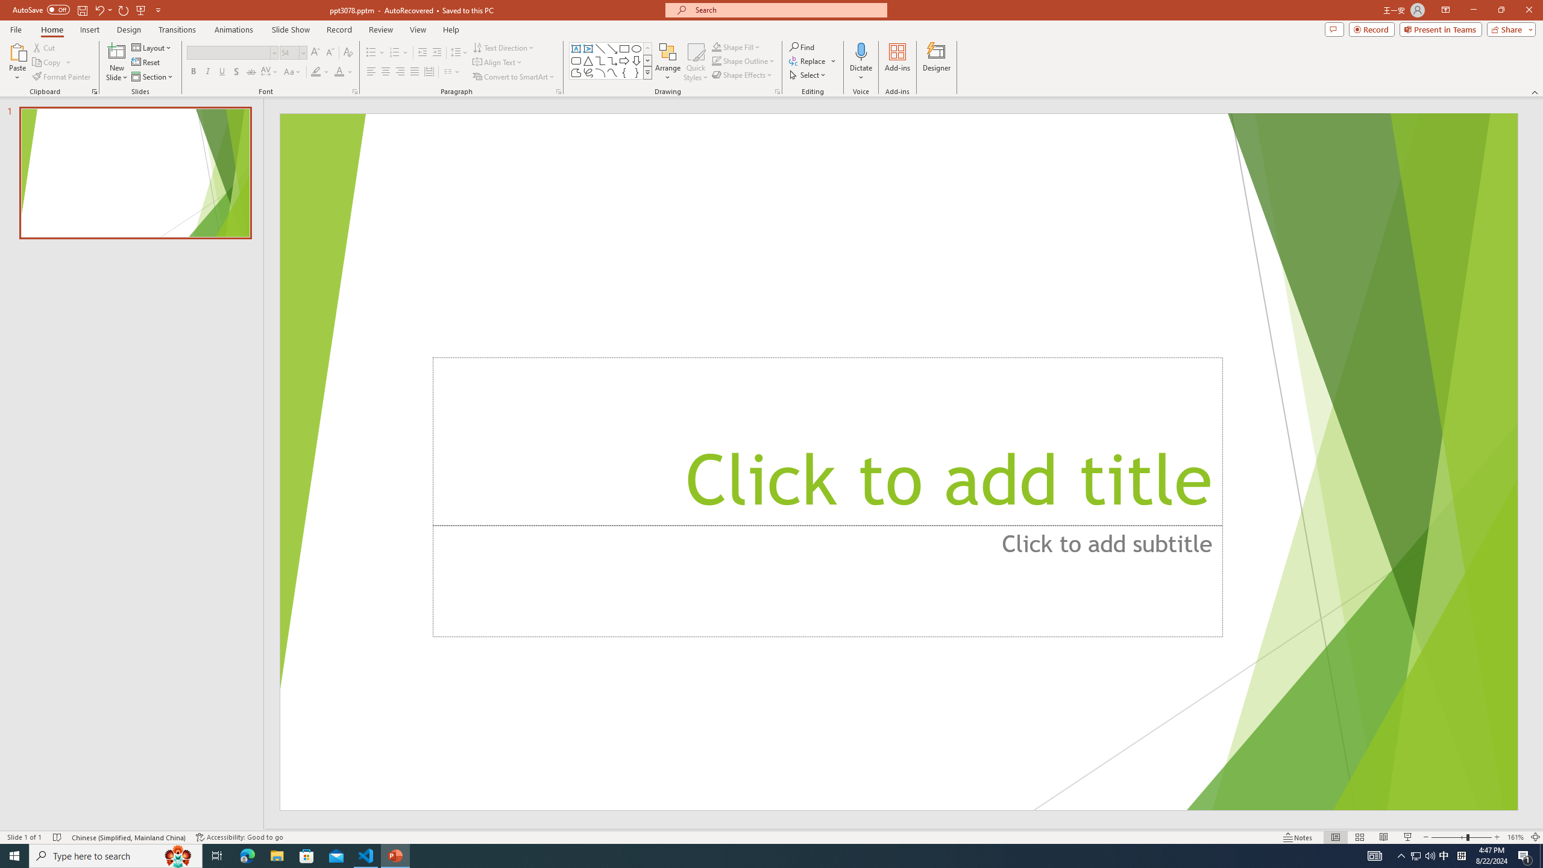  I want to click on 'Quick Styles', so click(695, 62).